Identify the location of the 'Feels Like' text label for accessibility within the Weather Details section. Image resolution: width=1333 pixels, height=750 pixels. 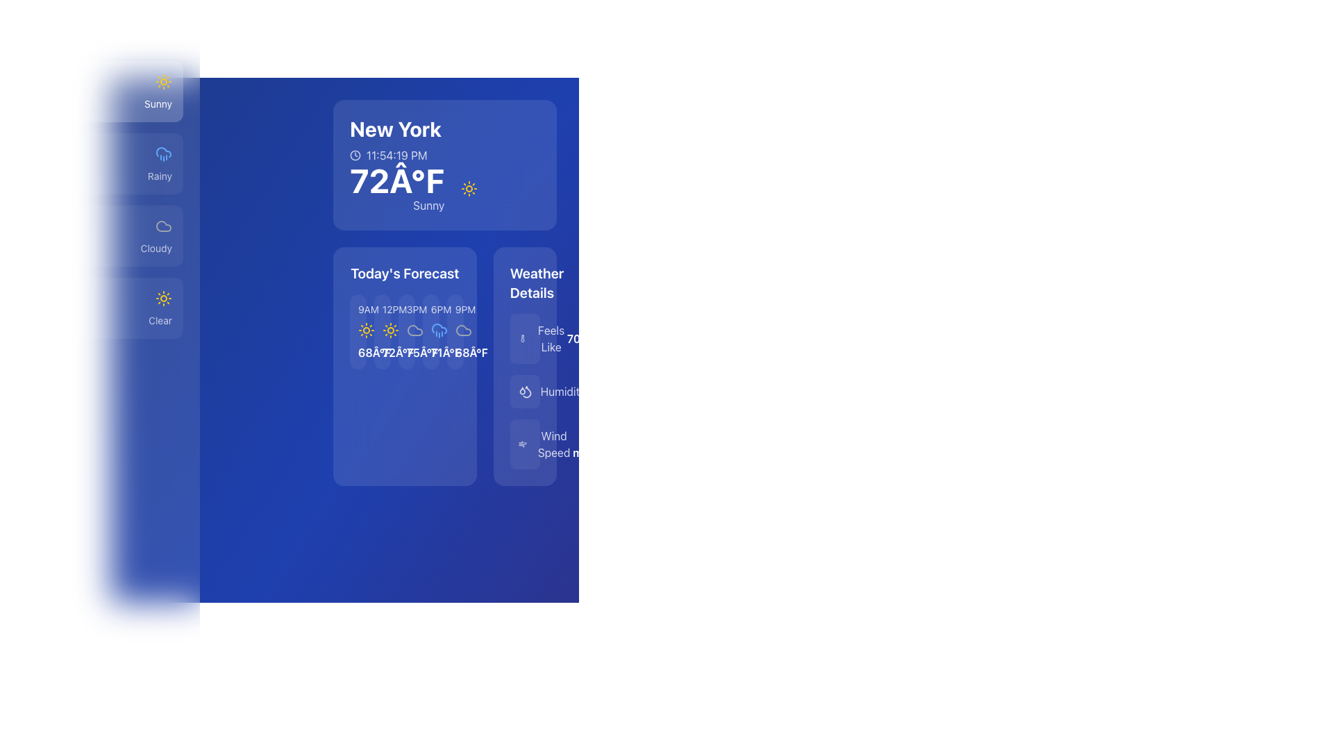
(551, 339).